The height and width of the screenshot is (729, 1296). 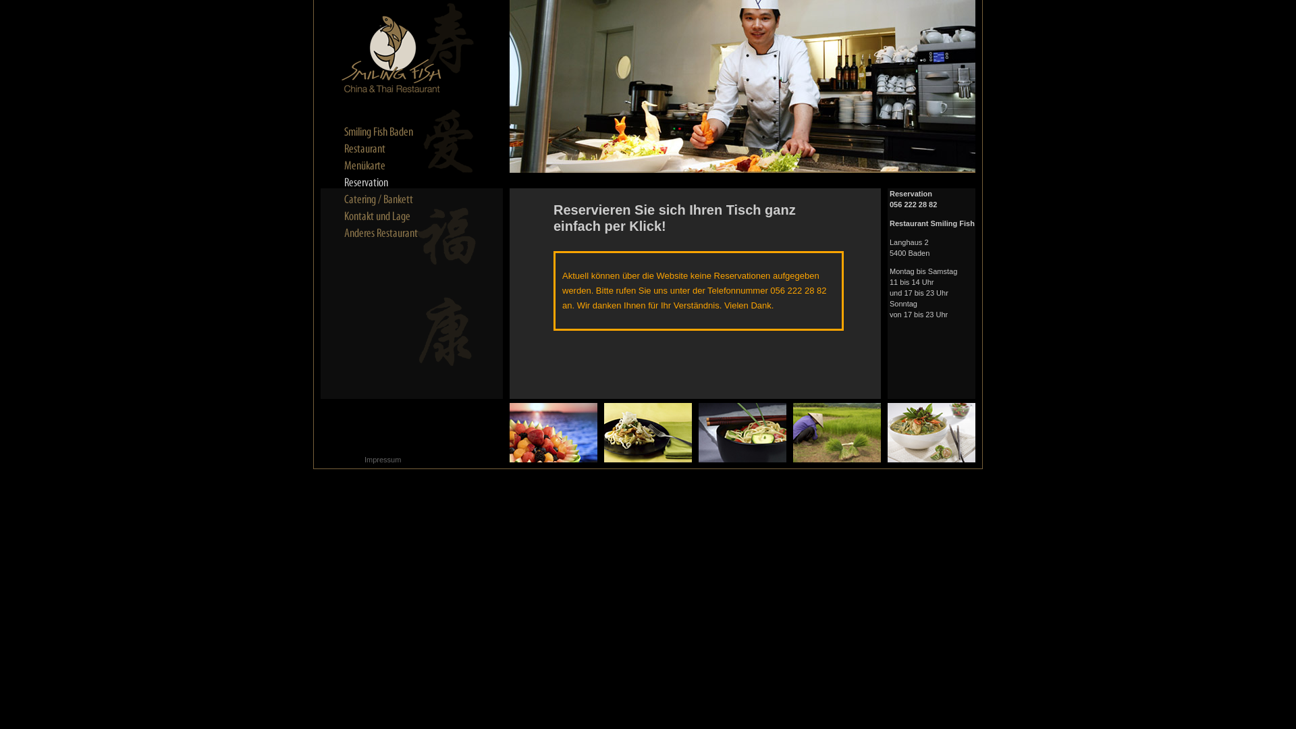 What do you see at coordinates (391, 148) in the screenshot?
I see `'Restaurant'` at bounding box center [391, 148].